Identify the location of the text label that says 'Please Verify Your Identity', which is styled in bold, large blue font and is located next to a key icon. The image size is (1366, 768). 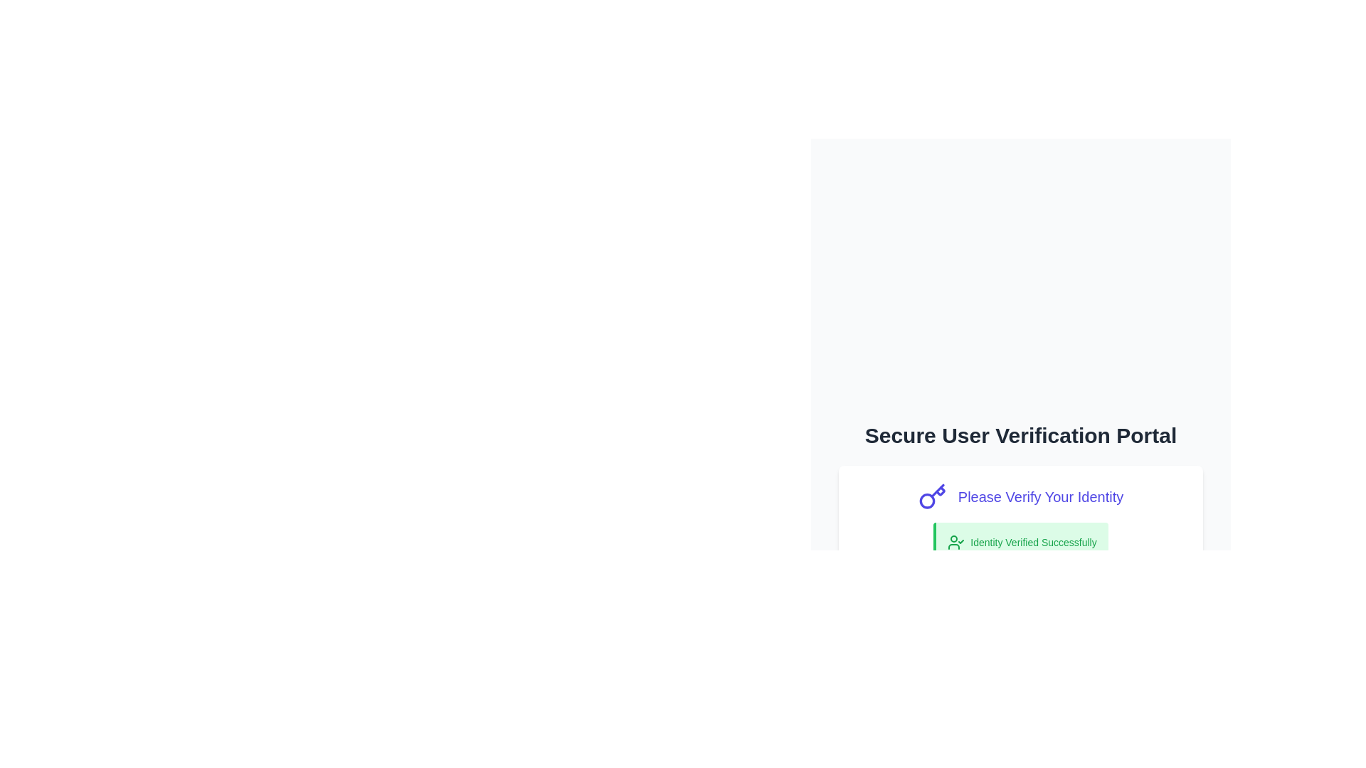
(1041, 496).